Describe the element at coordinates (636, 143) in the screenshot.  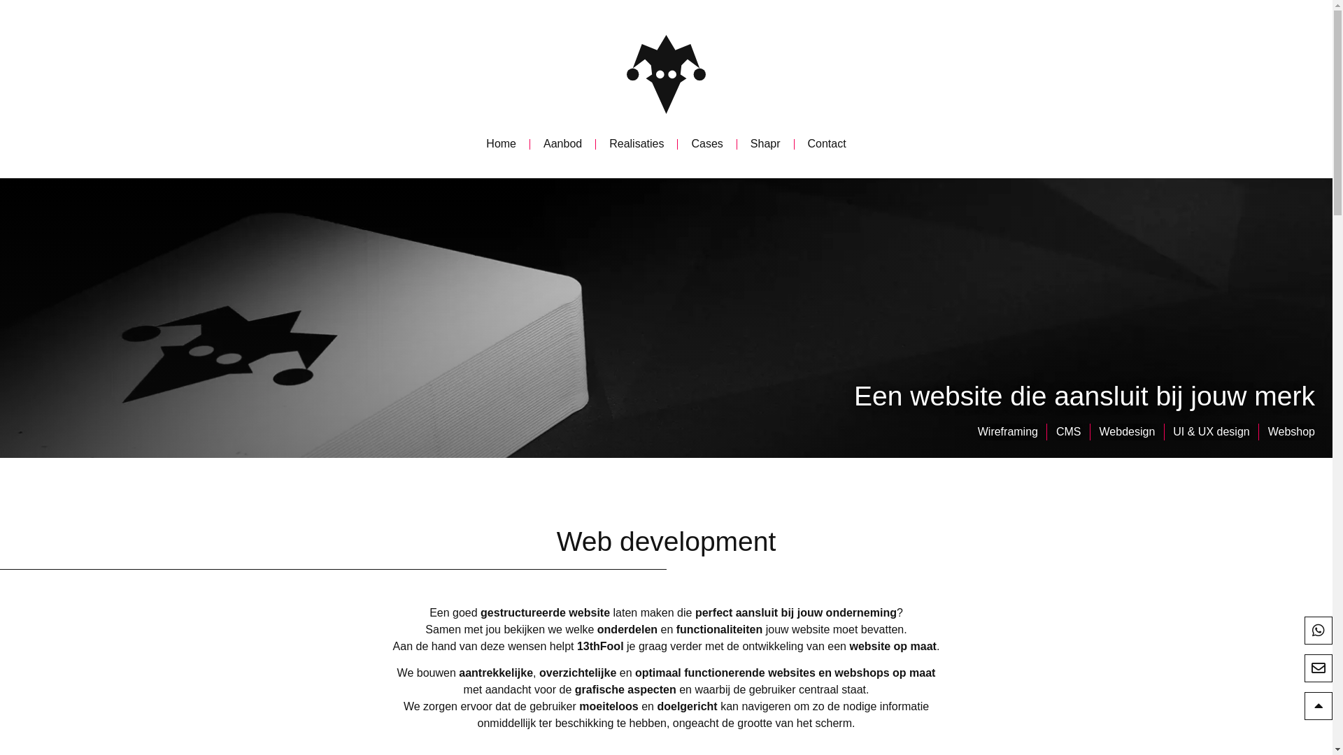
I see `'Realisaties'` at that location.